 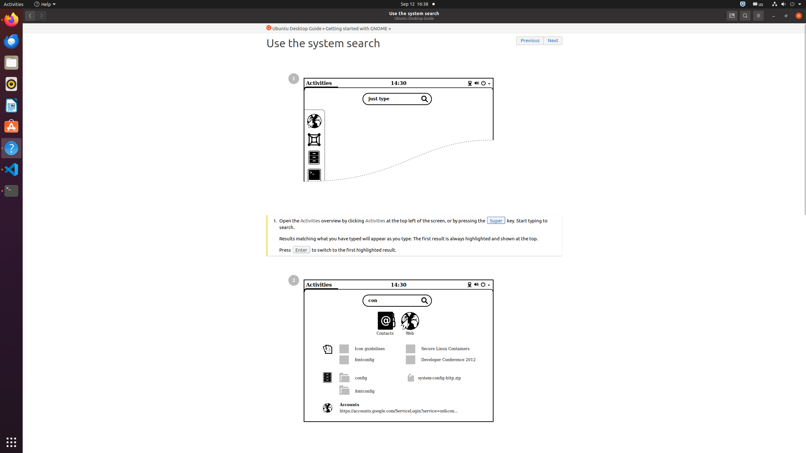 What do you see at coordinates (530, 41) in the screenshot?
I see `'Previous'` at bounding box center [530, 41].